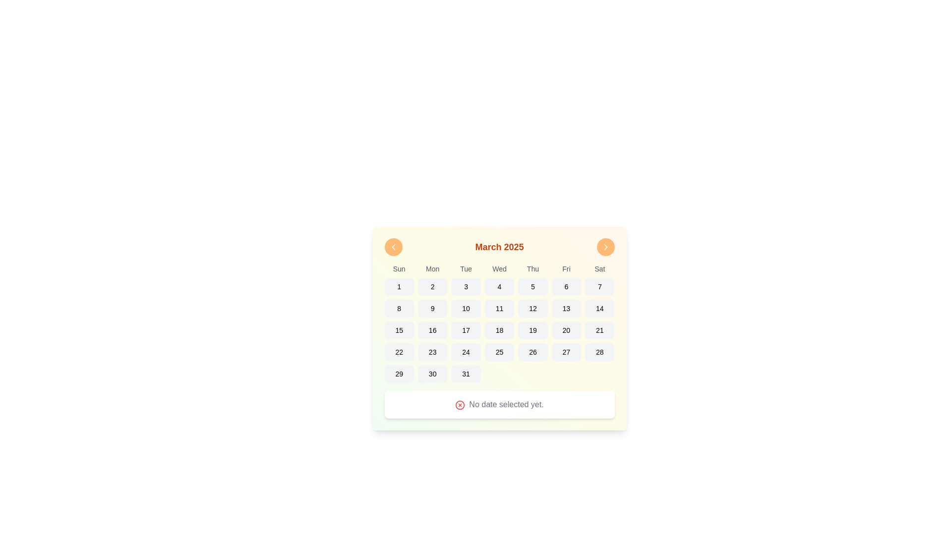 This screenshot has width=952, height=535. I want to click on the text label 'Tue' in the header row of the calendar component, which is styled with a medium font weight and light gray color, so click(466, 269).